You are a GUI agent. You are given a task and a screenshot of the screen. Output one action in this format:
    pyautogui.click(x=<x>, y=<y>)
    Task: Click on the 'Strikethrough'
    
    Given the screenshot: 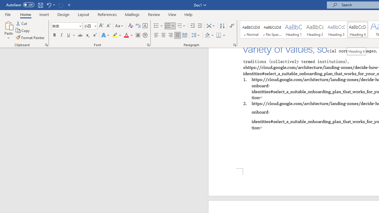 What is the action you would take?
    pyautogui.click(x=80, y=35)
    